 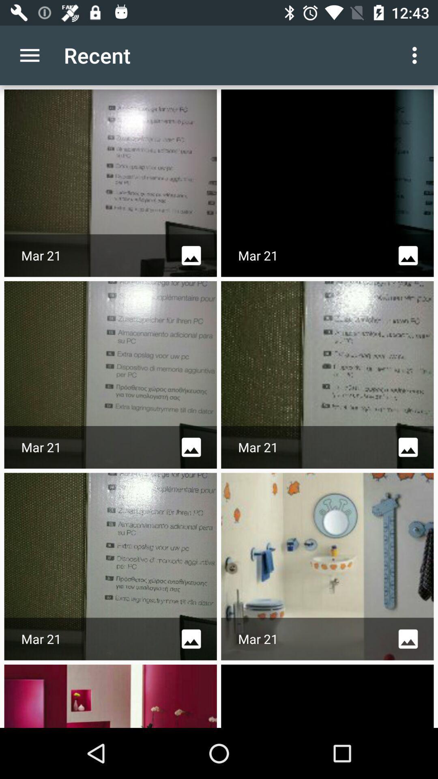 What do you see at coordinates (29, 55) in the screenshot?
I see `the icon to the left of recent item` at bounding box center [29, 55].